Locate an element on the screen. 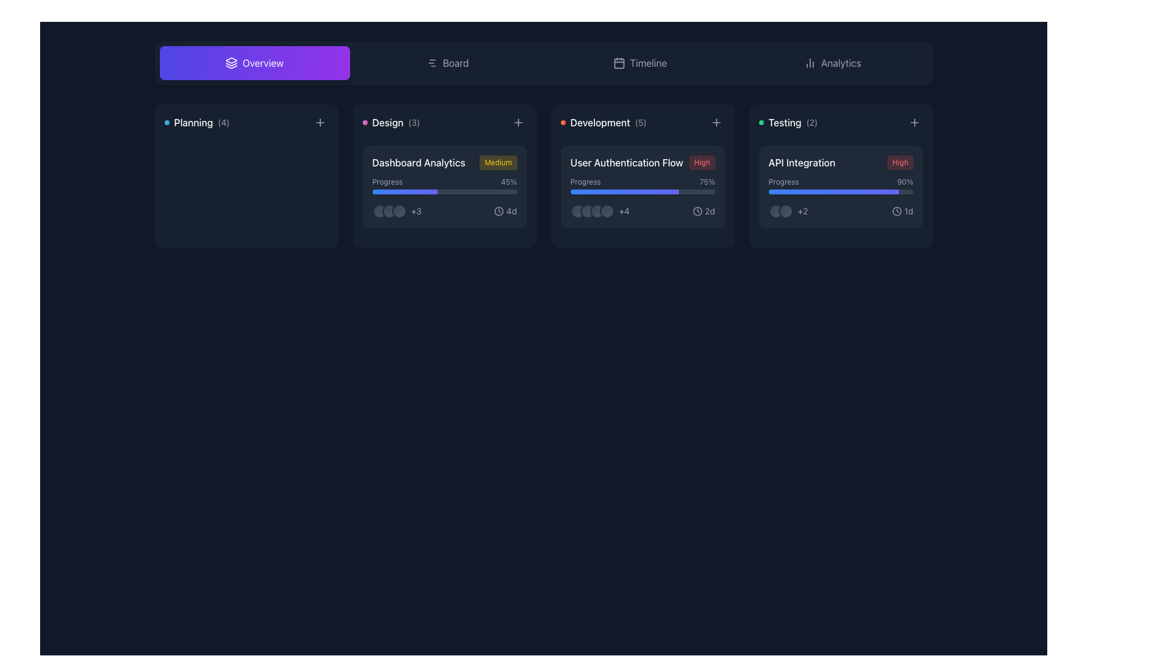 This screenshot has width=1167, height=656. the graphical representation of the circular element that is part of the clock icon located in the bottom-right corner of the 'Dashboard Analytics' card within the 'Design' category section is located at coordinates (499, 210).